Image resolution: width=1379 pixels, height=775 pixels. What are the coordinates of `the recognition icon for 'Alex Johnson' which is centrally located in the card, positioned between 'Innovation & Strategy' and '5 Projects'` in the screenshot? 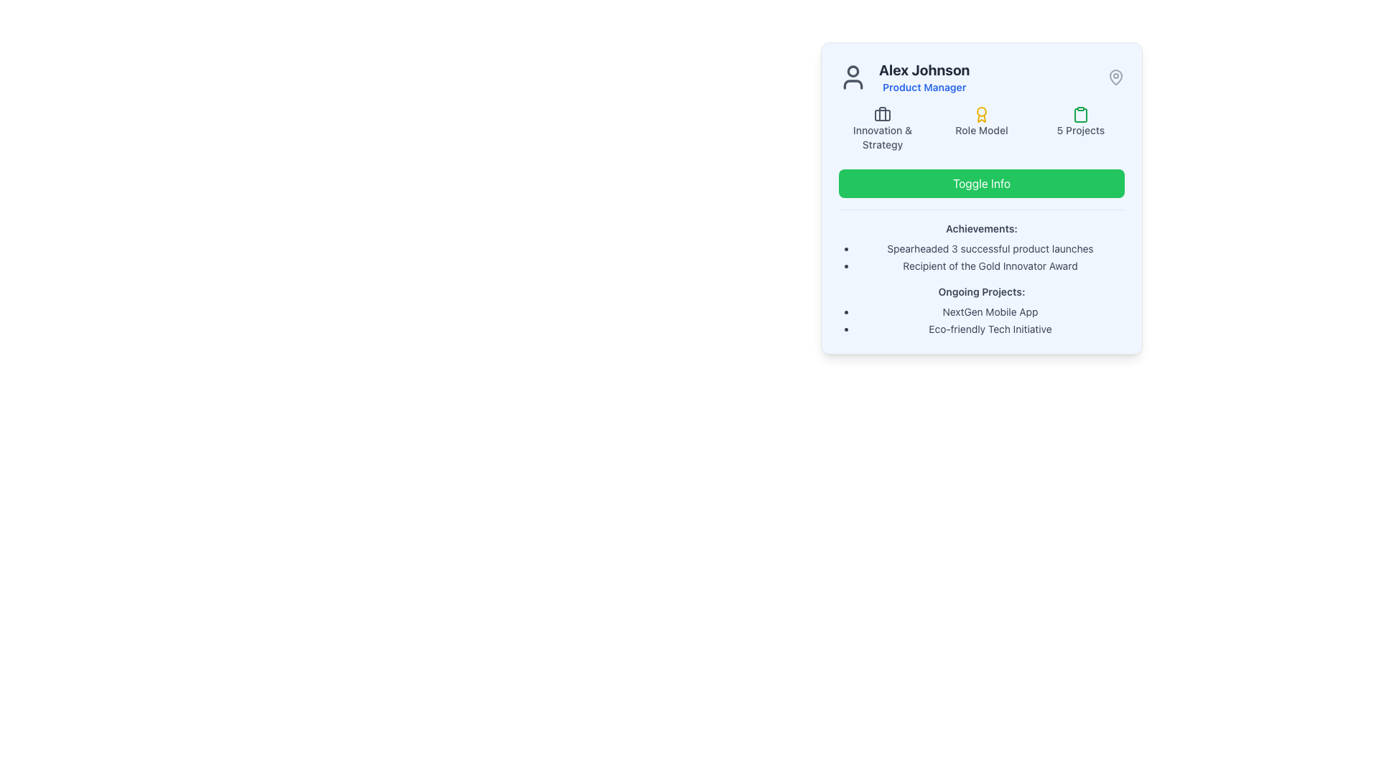 It's located at (981, 129).